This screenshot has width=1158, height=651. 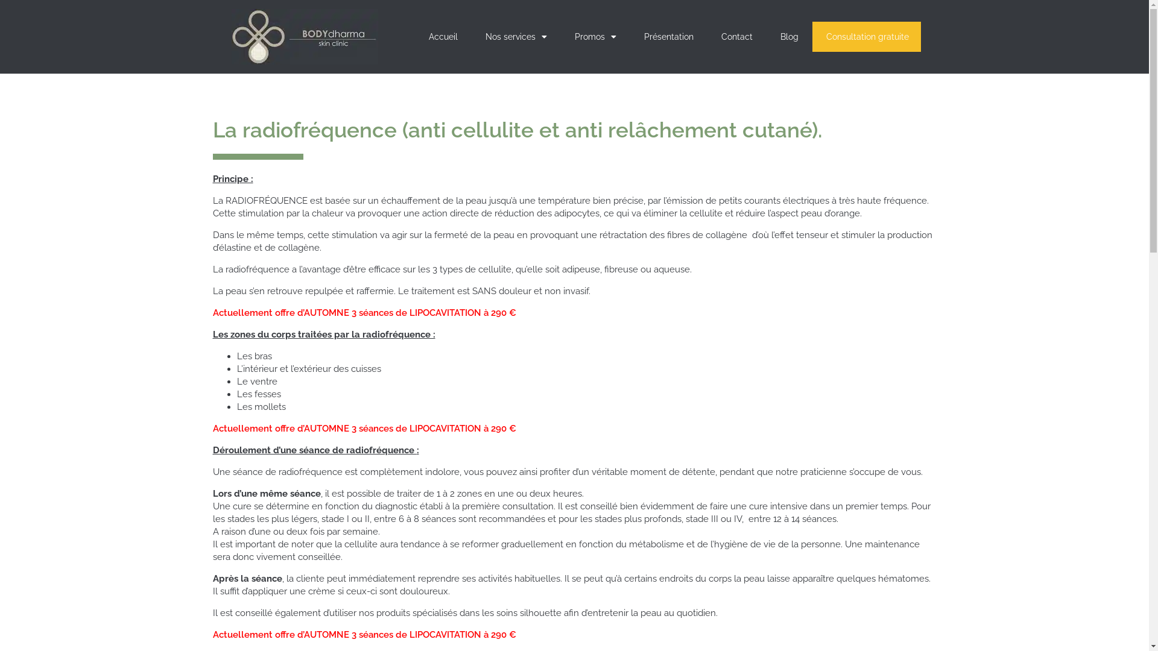 What do you see at coordinates (789, 36) in the screenshot?
I see `'Blog'` at bounding box center [789, 36].